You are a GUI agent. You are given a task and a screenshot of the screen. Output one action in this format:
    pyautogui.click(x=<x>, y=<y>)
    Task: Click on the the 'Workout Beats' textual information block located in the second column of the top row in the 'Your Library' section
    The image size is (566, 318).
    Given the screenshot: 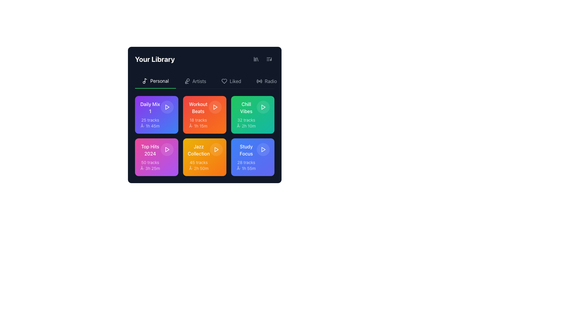 What is the action you would take?
    pyautogui.click(x=198, y=115)
    